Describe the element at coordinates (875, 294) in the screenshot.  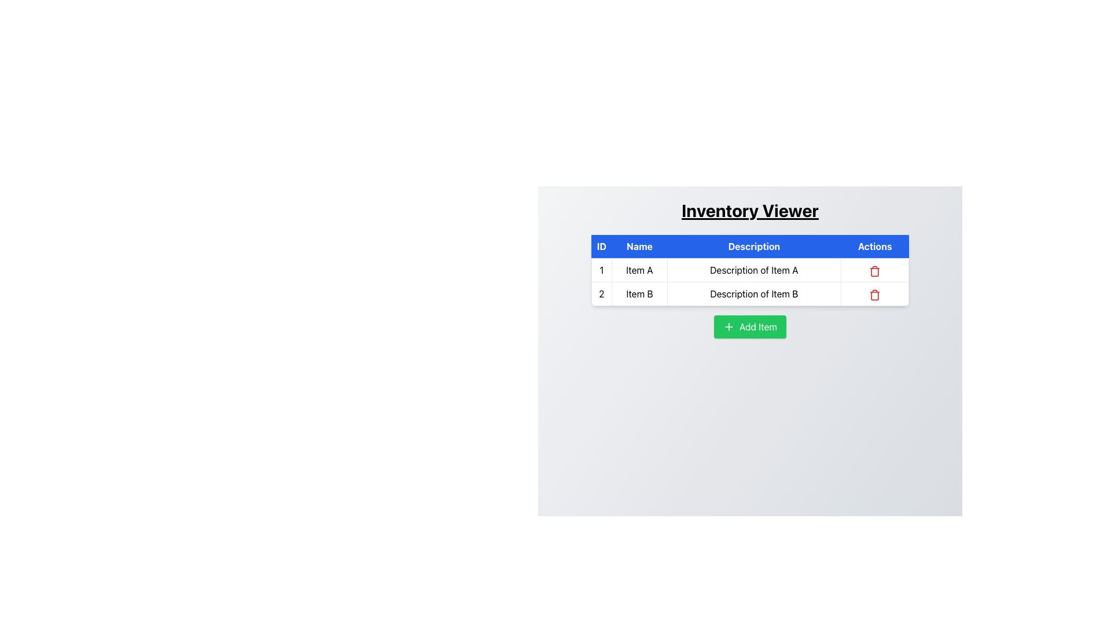
I see `the trash icon button with red strokes that represents a trash bin, located in the Actions column of the second row in the table` at that location.